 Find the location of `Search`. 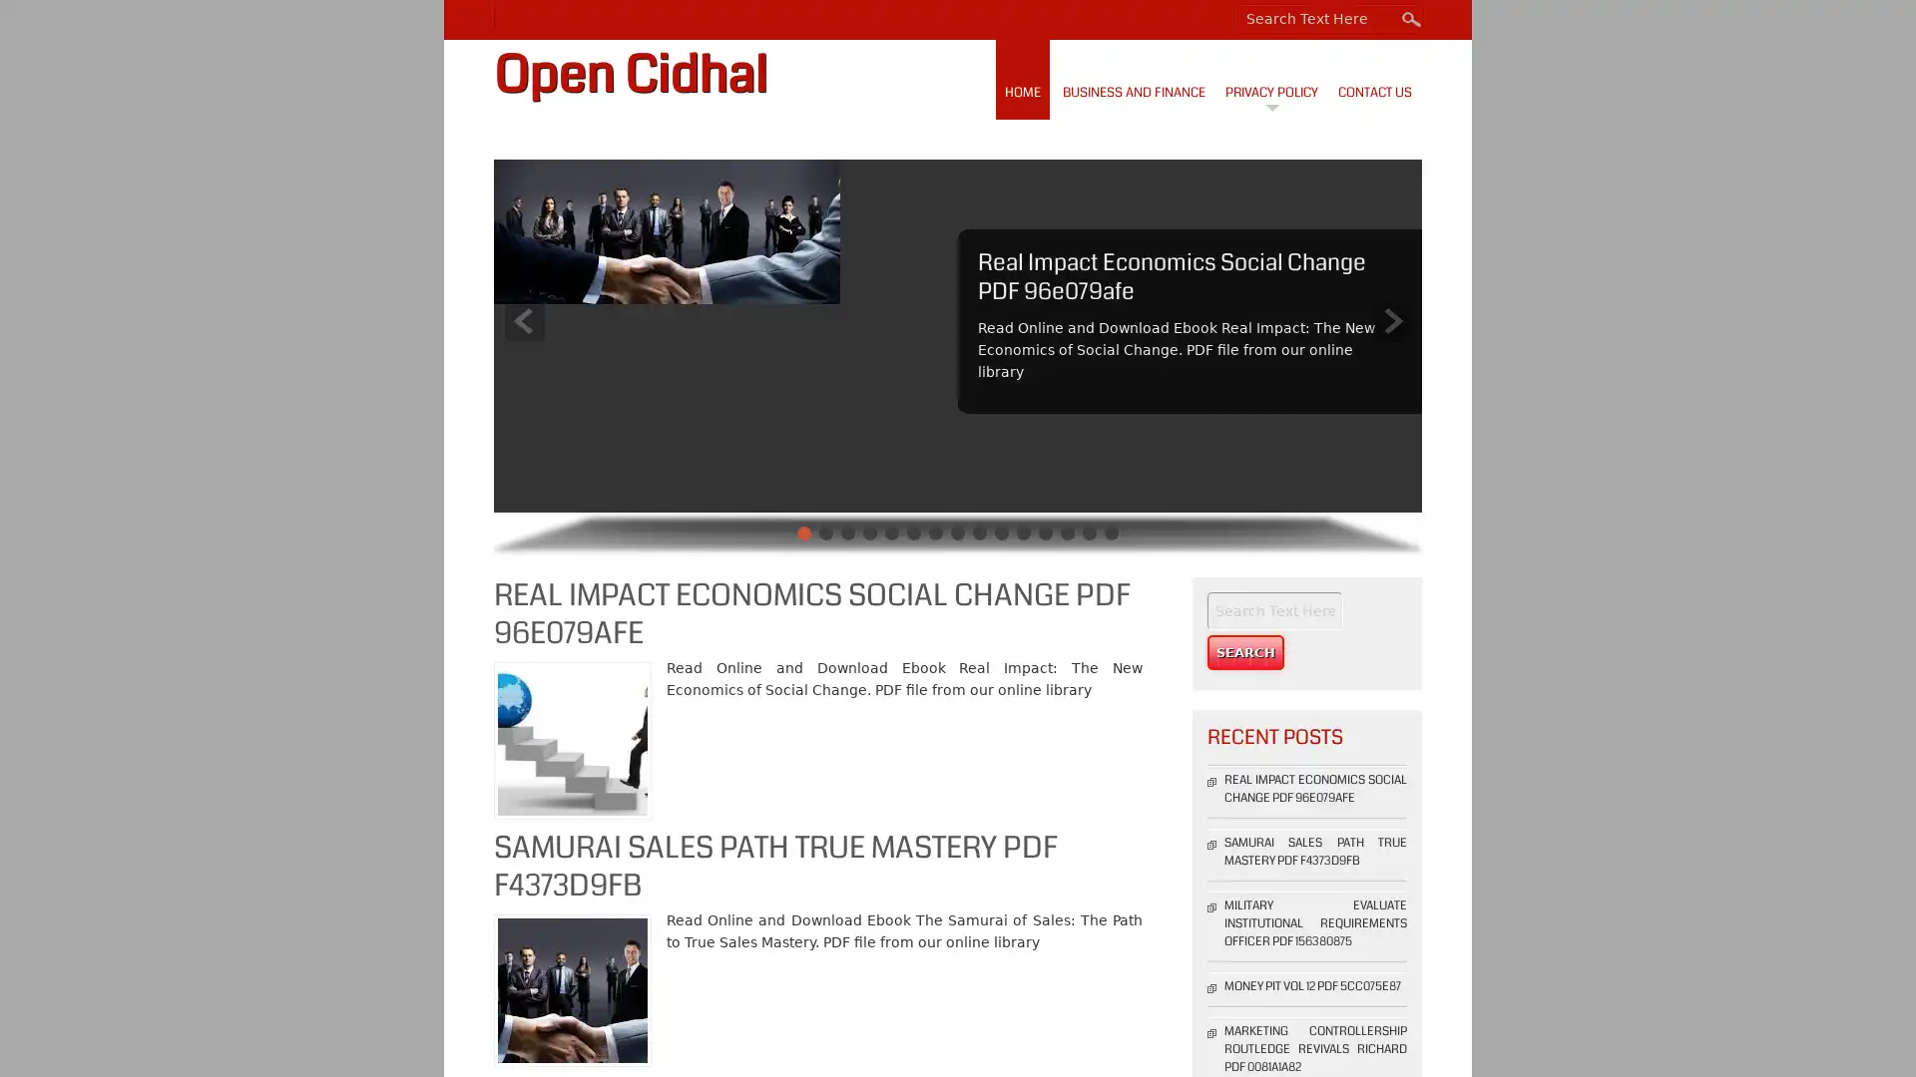

Search is located at coordinates (1244, 652).